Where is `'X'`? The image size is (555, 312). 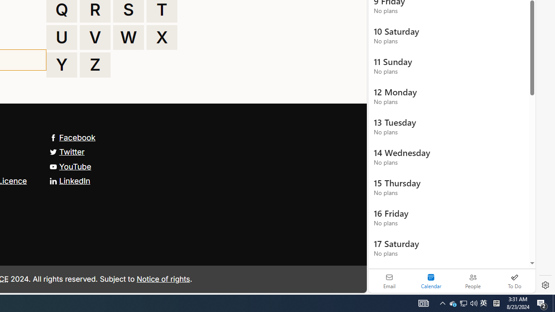 'X' is located at coordinates (162, 37).